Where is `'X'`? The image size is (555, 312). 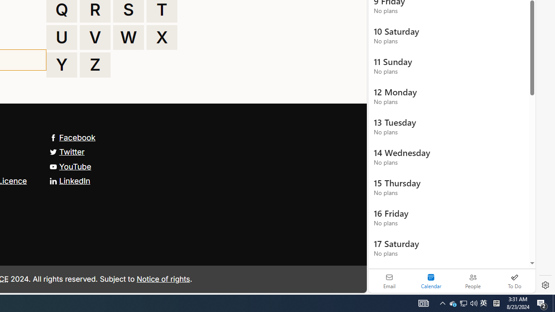 'X' is located at coordinates (162, 37).